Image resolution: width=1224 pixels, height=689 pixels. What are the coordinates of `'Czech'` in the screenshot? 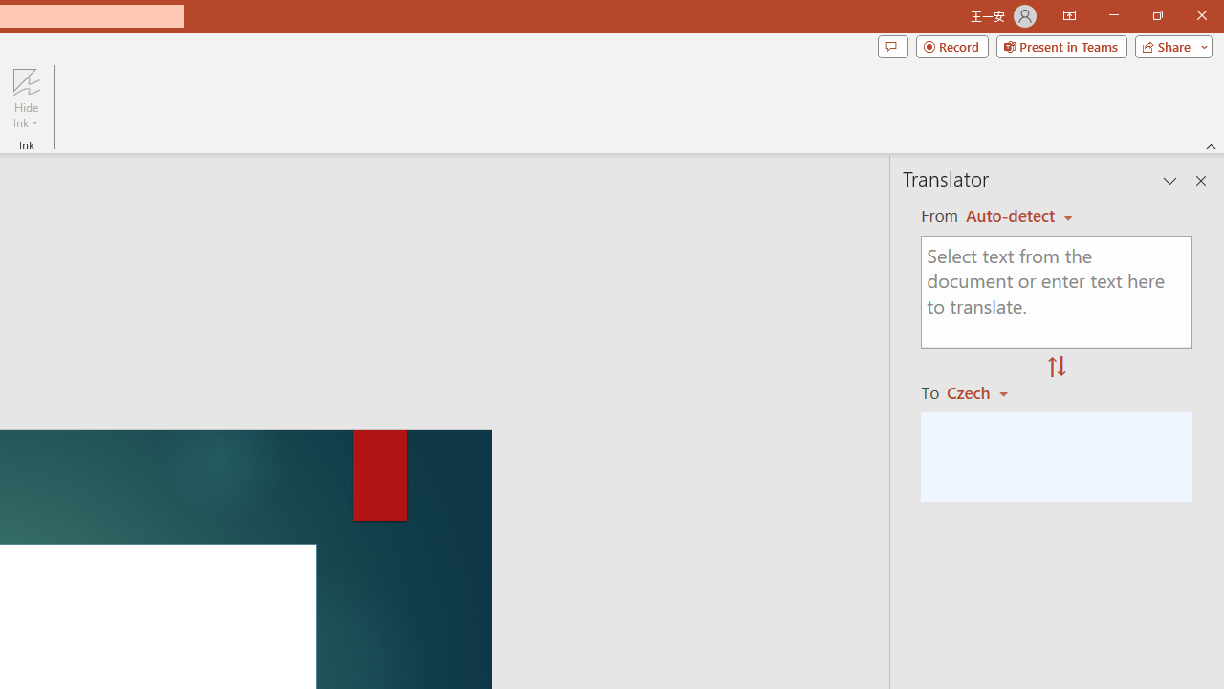 It's located at (986, 391).